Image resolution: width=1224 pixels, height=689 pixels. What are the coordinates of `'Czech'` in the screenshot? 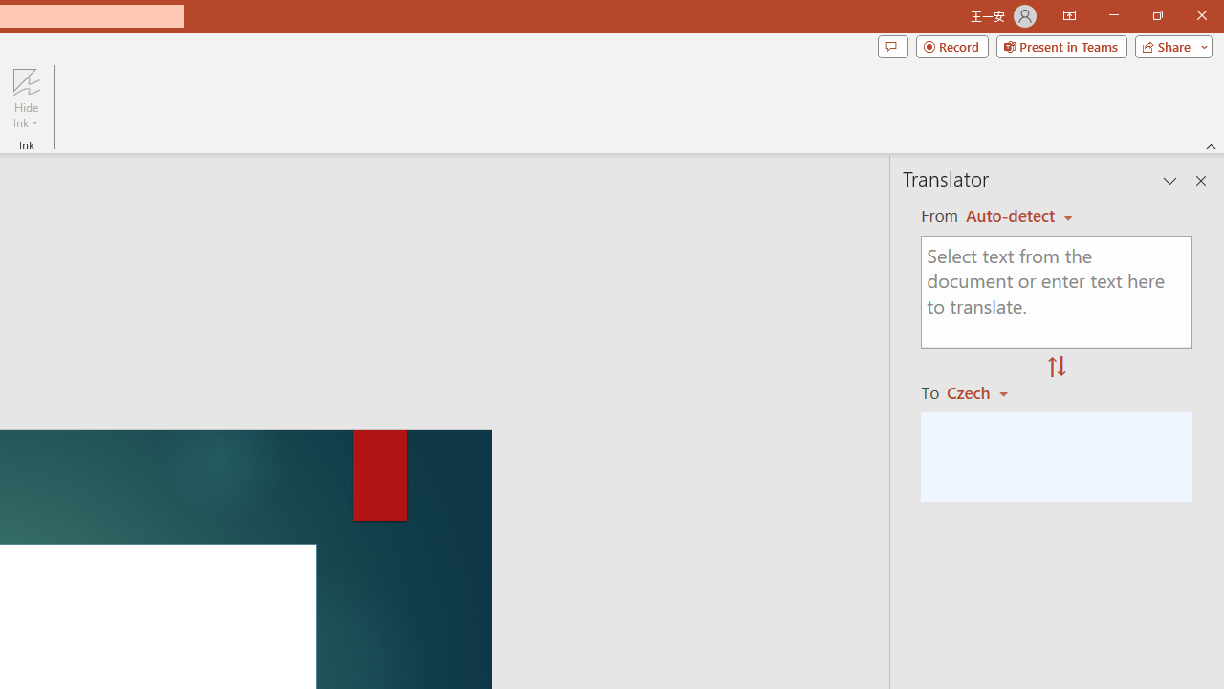 It's located at (986, 391).